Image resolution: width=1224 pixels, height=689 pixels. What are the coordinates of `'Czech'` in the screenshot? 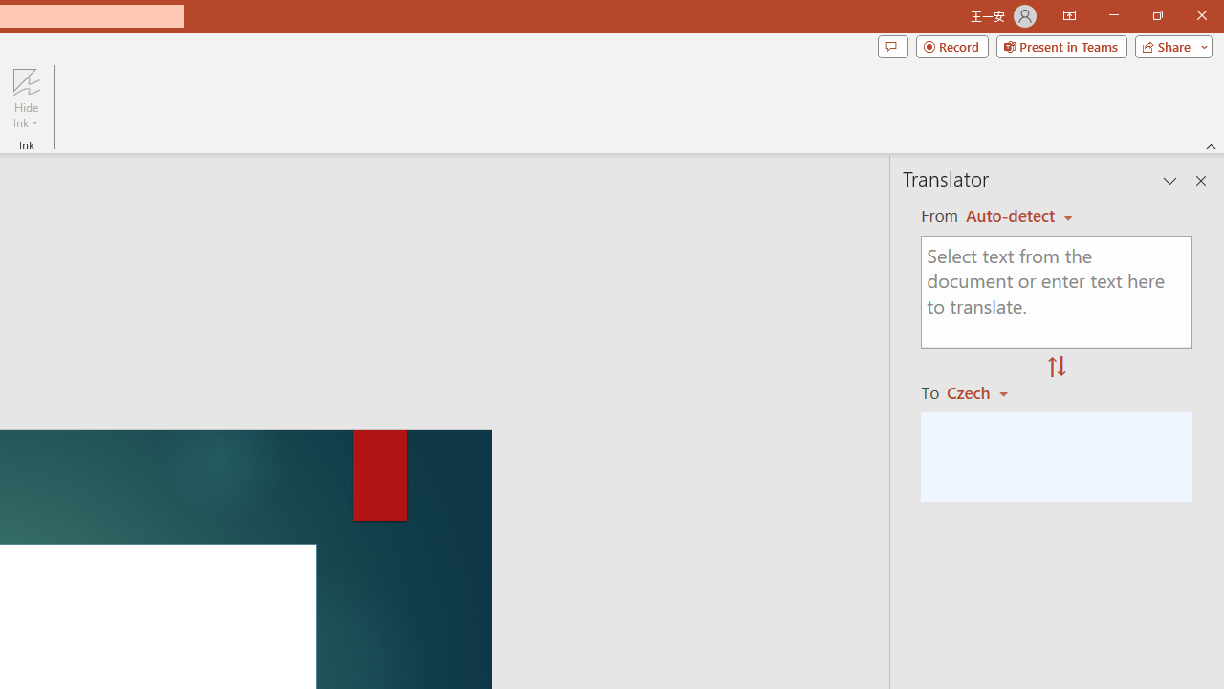 It's located at (986, 391).